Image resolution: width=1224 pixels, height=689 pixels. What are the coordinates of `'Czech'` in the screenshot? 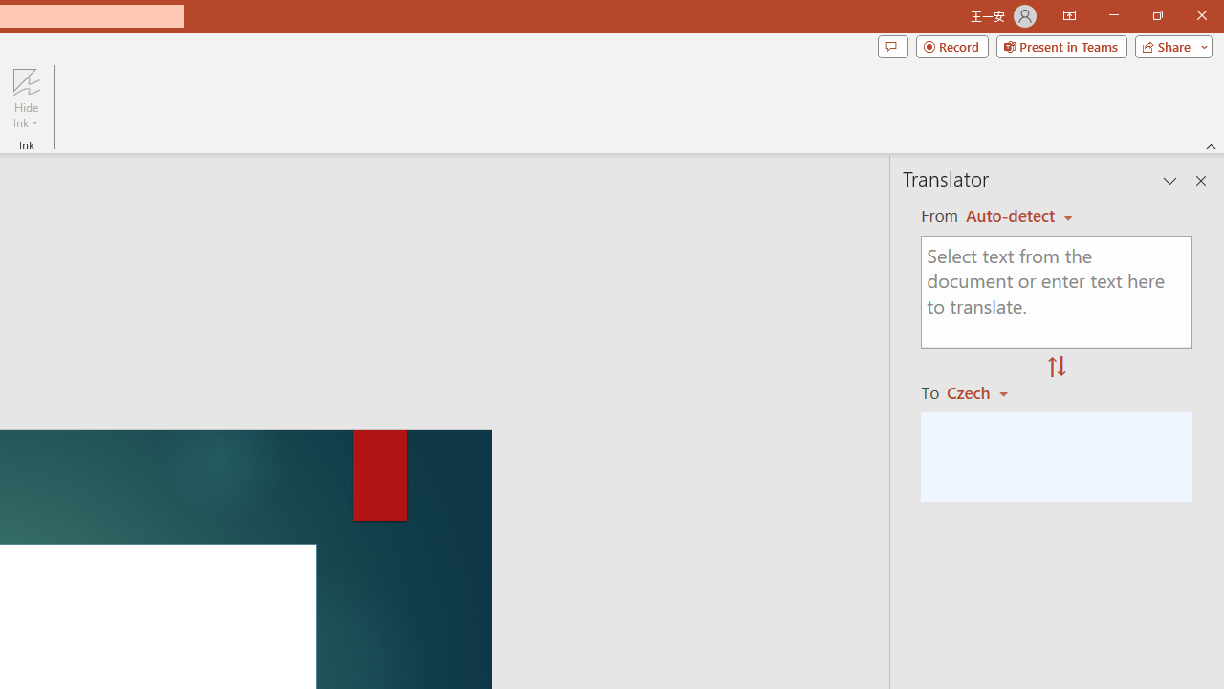 It's located at (986, 391).